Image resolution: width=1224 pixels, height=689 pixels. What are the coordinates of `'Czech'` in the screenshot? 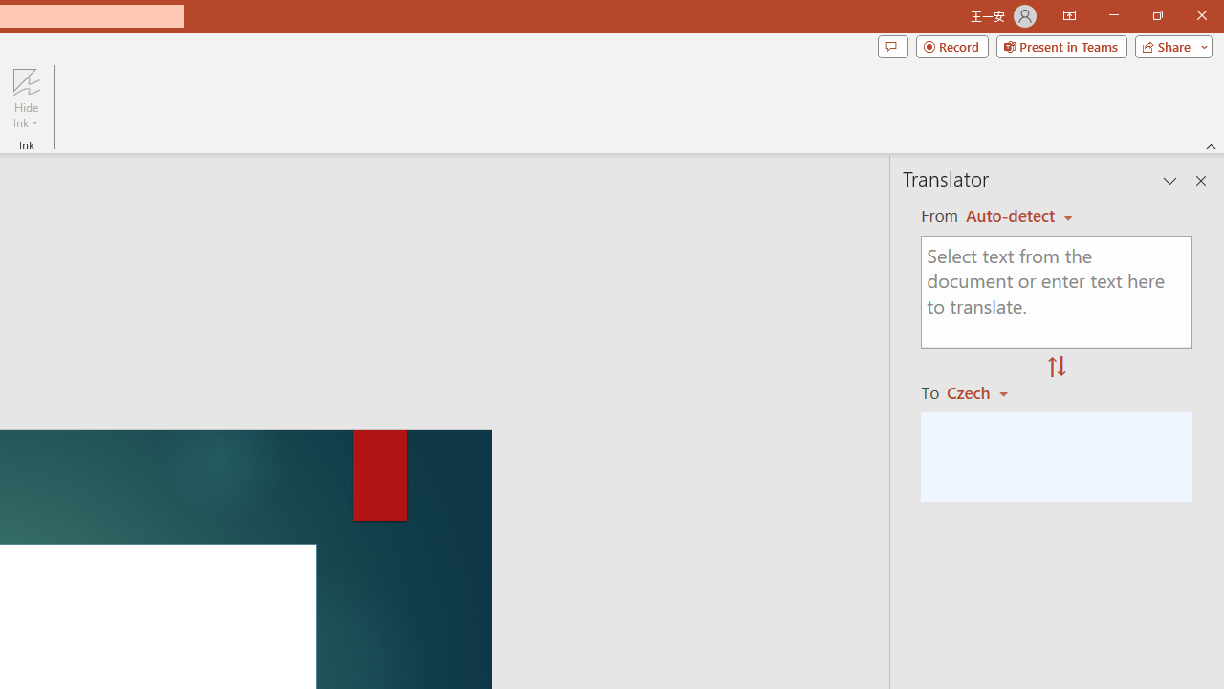 It's located at (986, 391).